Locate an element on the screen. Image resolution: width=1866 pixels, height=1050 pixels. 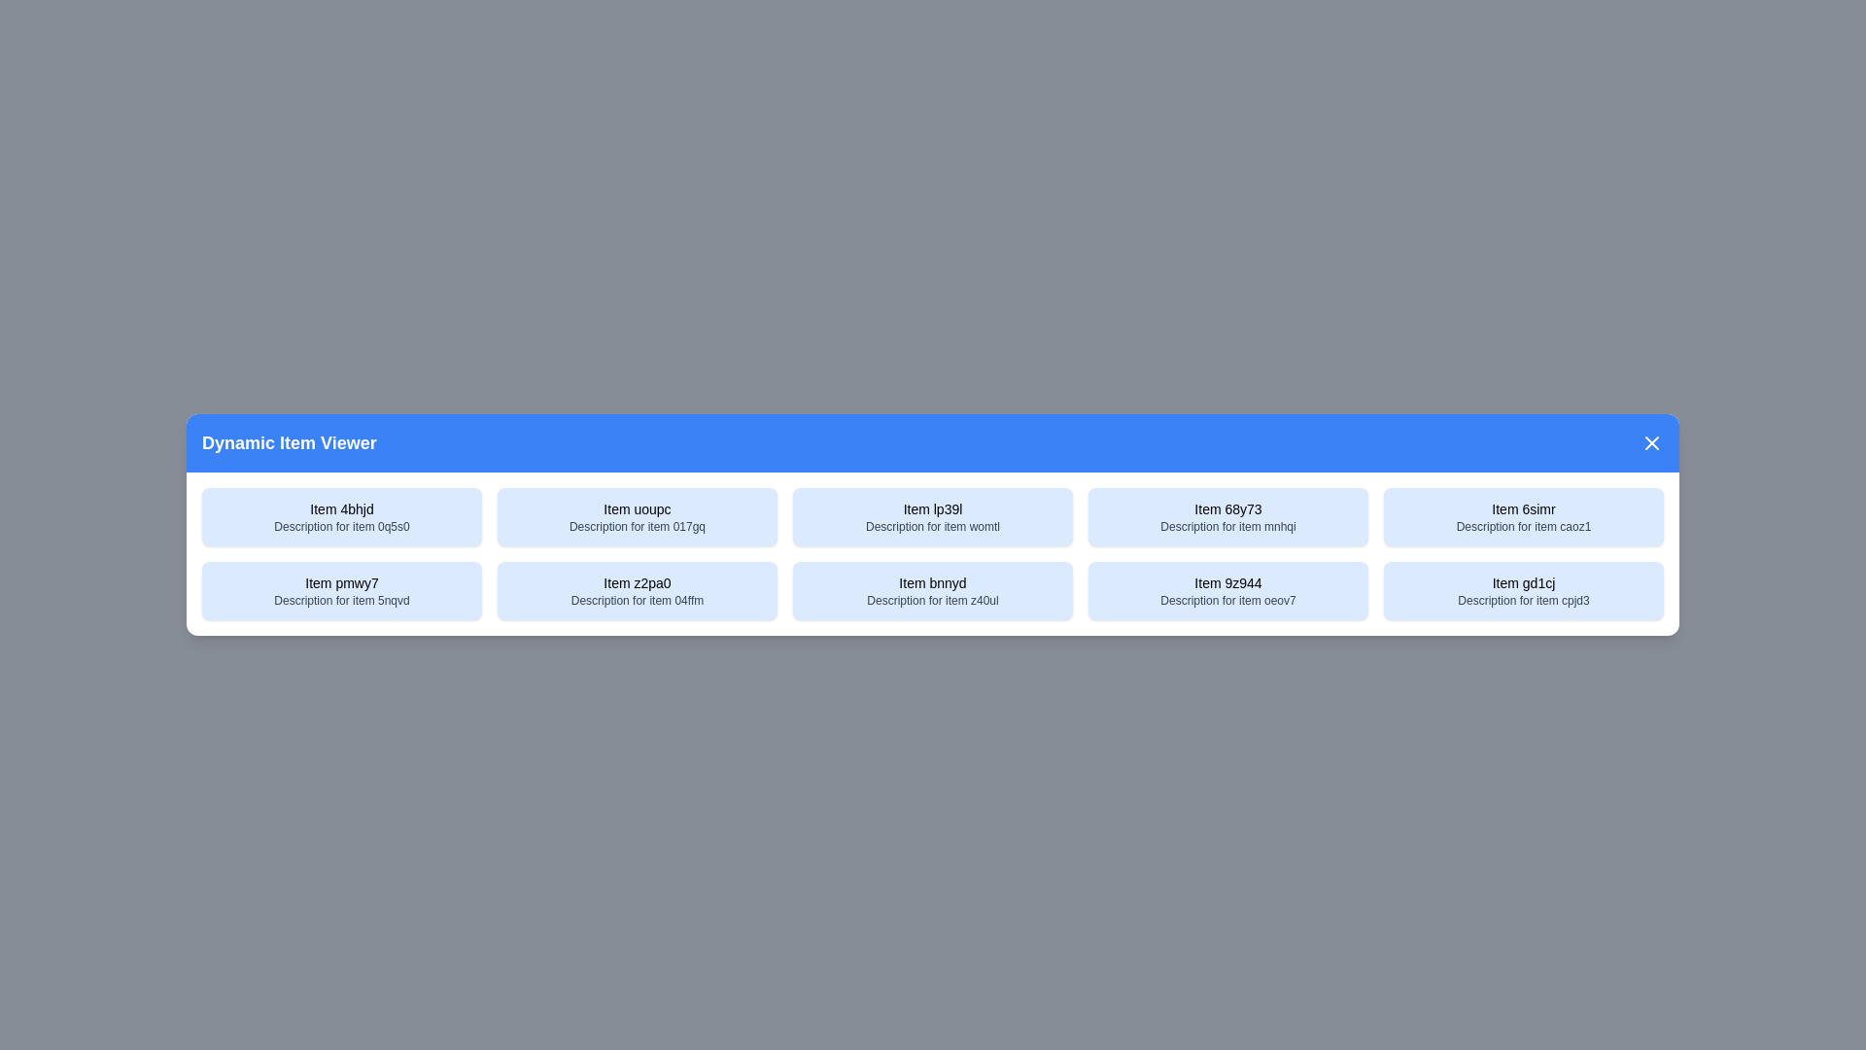
the item with title Item 9z944 to select it is located at coordinates (1227, 590).